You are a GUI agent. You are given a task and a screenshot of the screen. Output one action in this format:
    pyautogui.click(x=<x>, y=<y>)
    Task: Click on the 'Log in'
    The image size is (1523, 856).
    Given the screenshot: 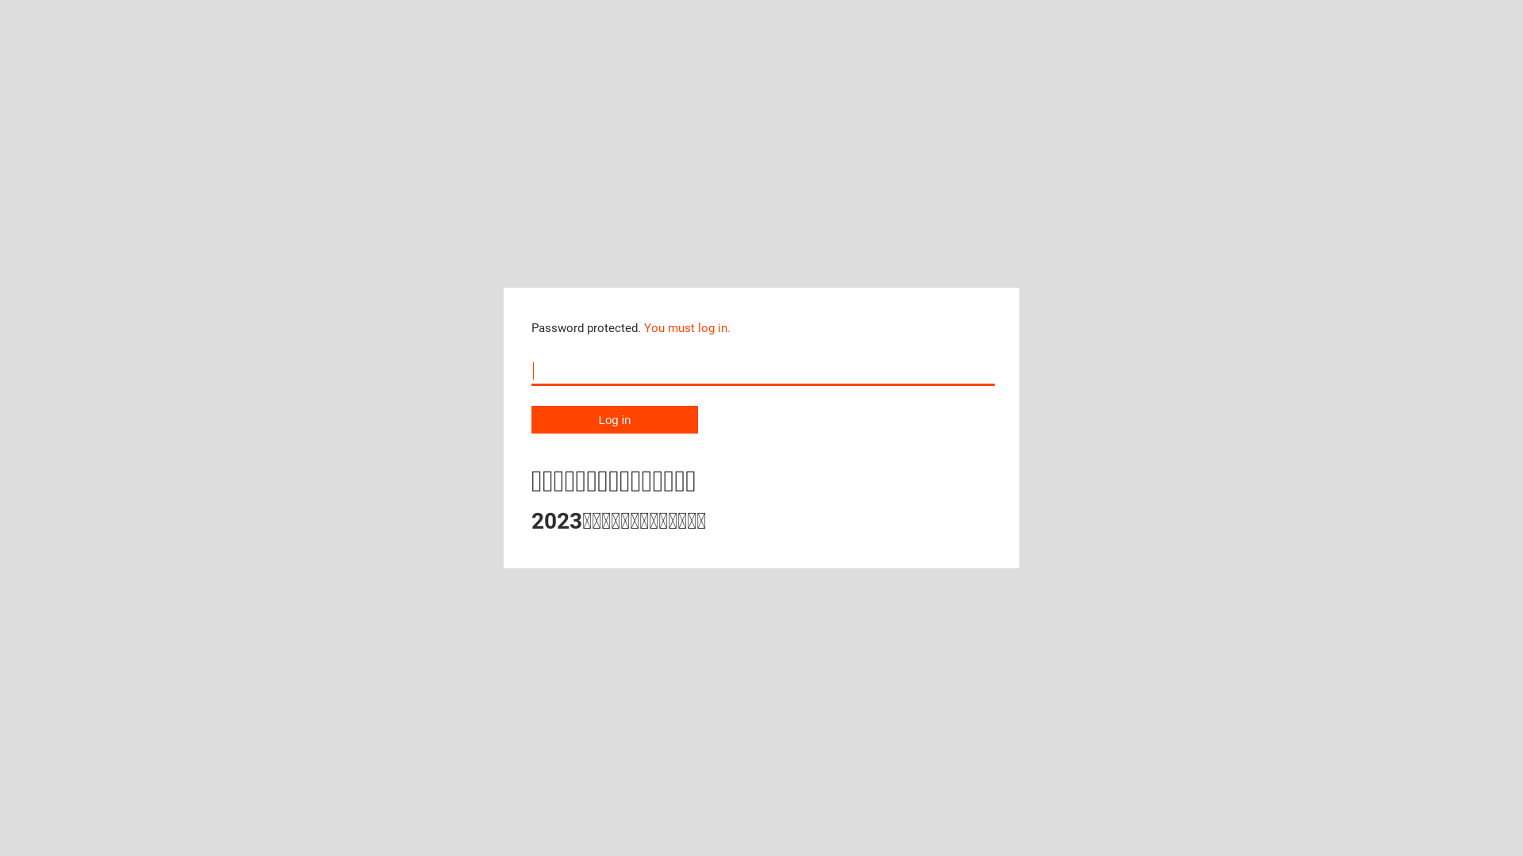 What is the action you would take?
    pyautogui.click(x=613, y=418)
    